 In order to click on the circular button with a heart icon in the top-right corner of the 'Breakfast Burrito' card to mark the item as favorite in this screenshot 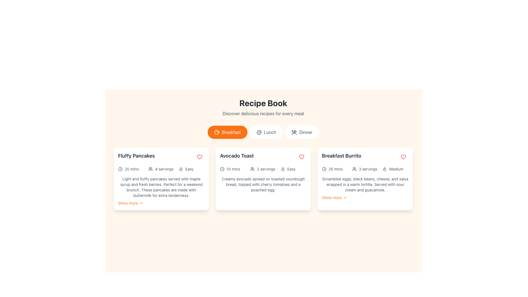, I will do `click(403, 157)`.